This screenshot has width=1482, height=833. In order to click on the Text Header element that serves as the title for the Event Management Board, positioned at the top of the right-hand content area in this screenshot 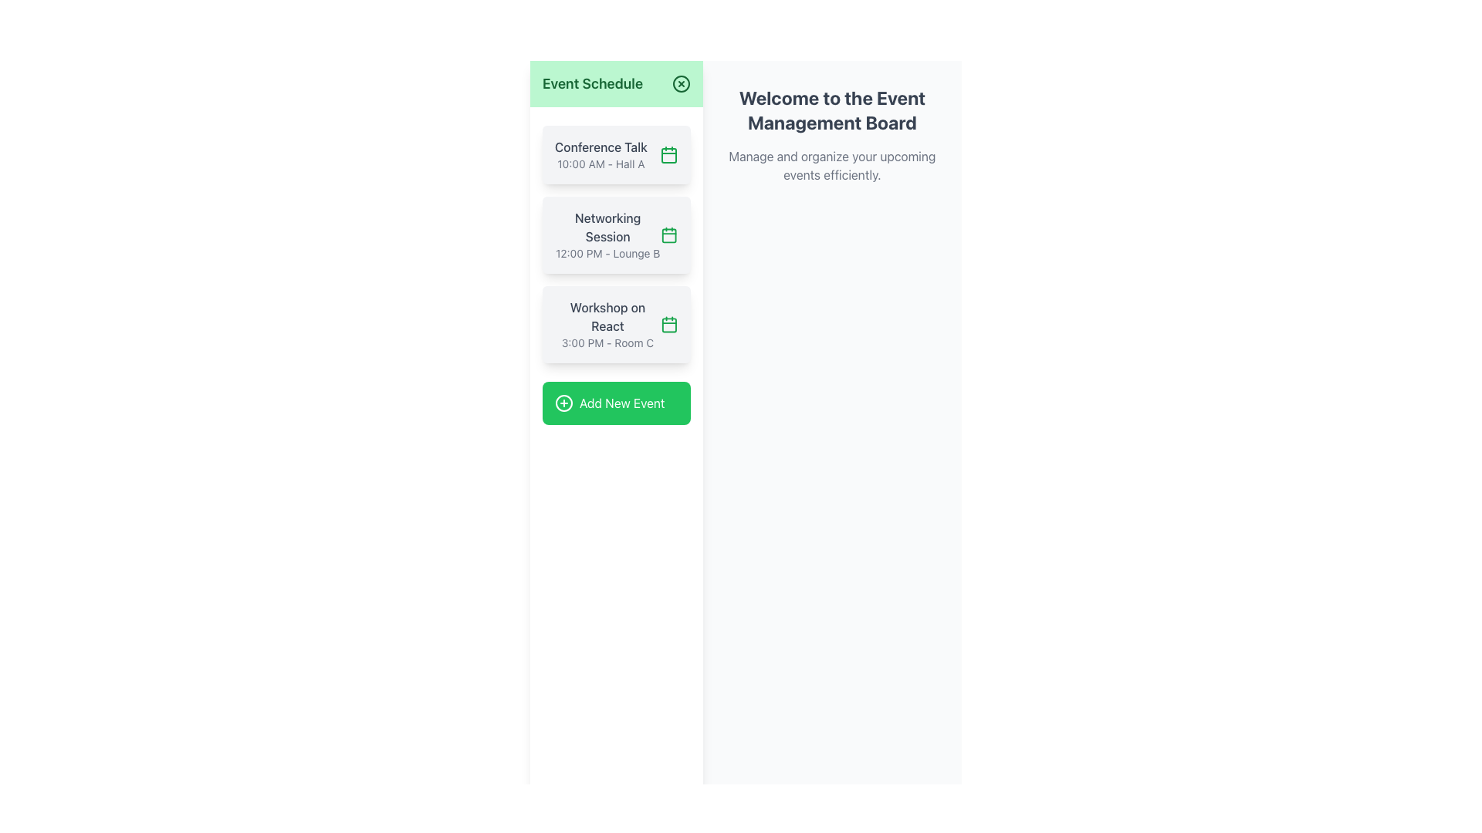, I will do `click(831, 109)`.